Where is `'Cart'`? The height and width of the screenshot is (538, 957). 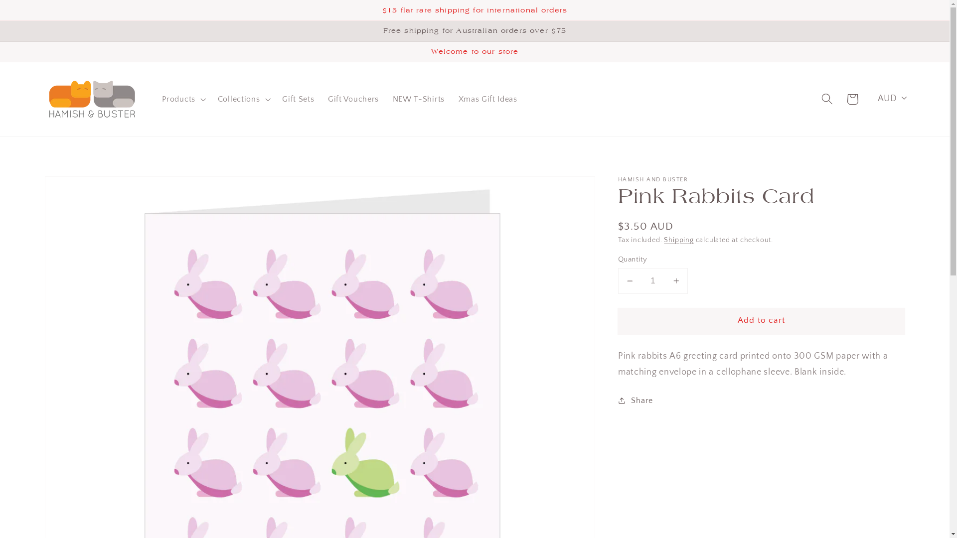
'Cart' is located at coordinates (839, 99).